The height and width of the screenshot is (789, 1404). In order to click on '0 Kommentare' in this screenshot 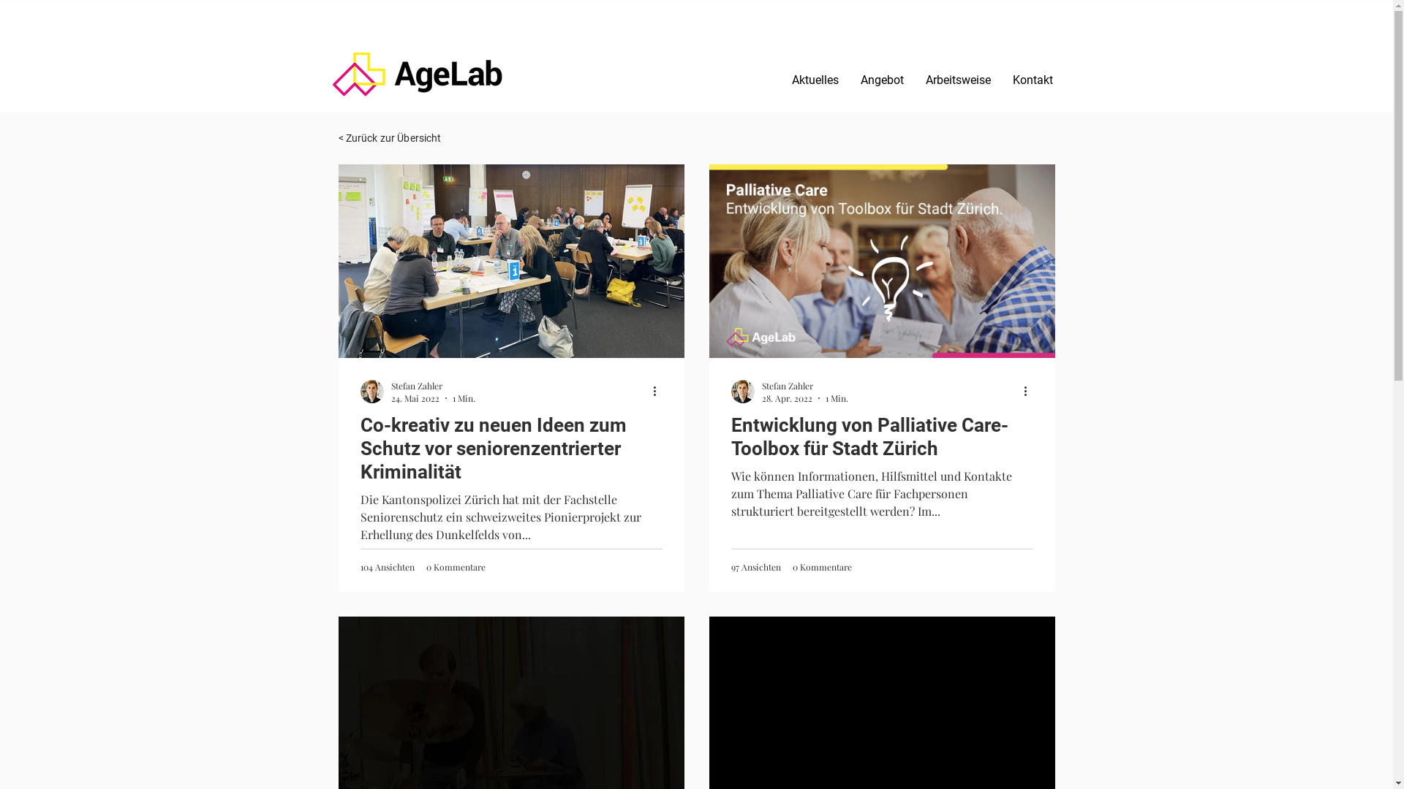, I will do `click(454, 565)`.